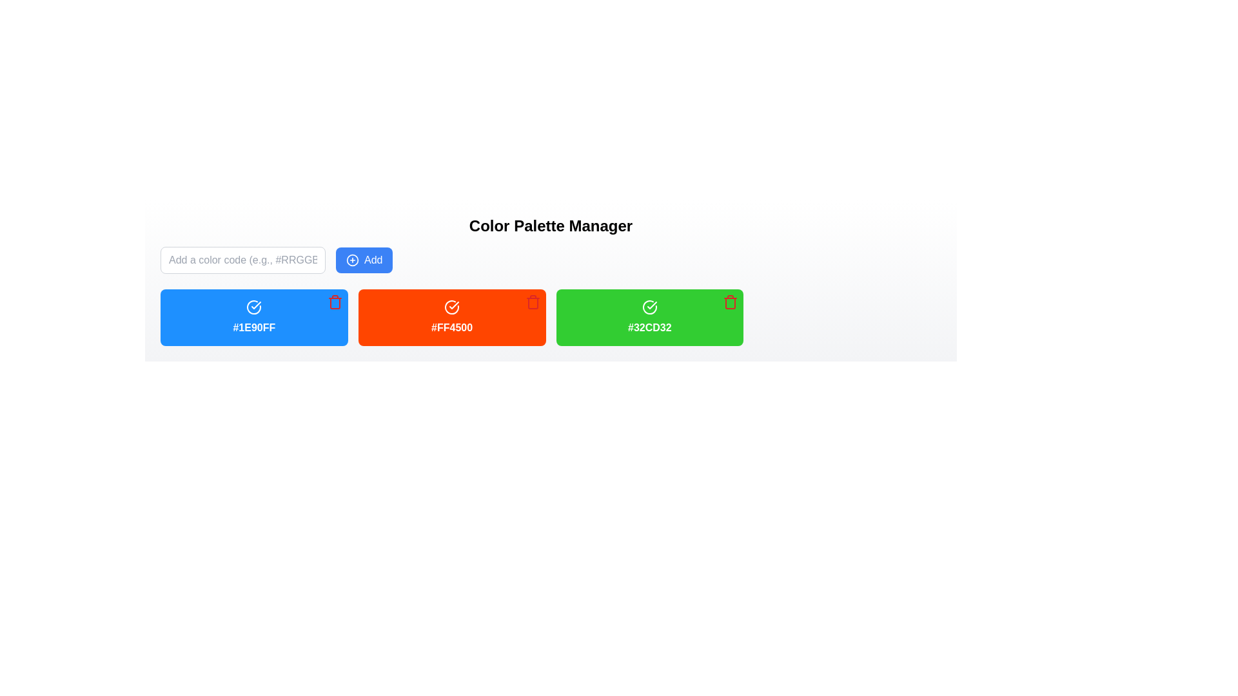 Image resolution: width=1238 pixels, height=696 pixels. I want to click on the displayed color information of the orange card (#FF4500), which is the second card in a row of three color cards, so click(452, 318).